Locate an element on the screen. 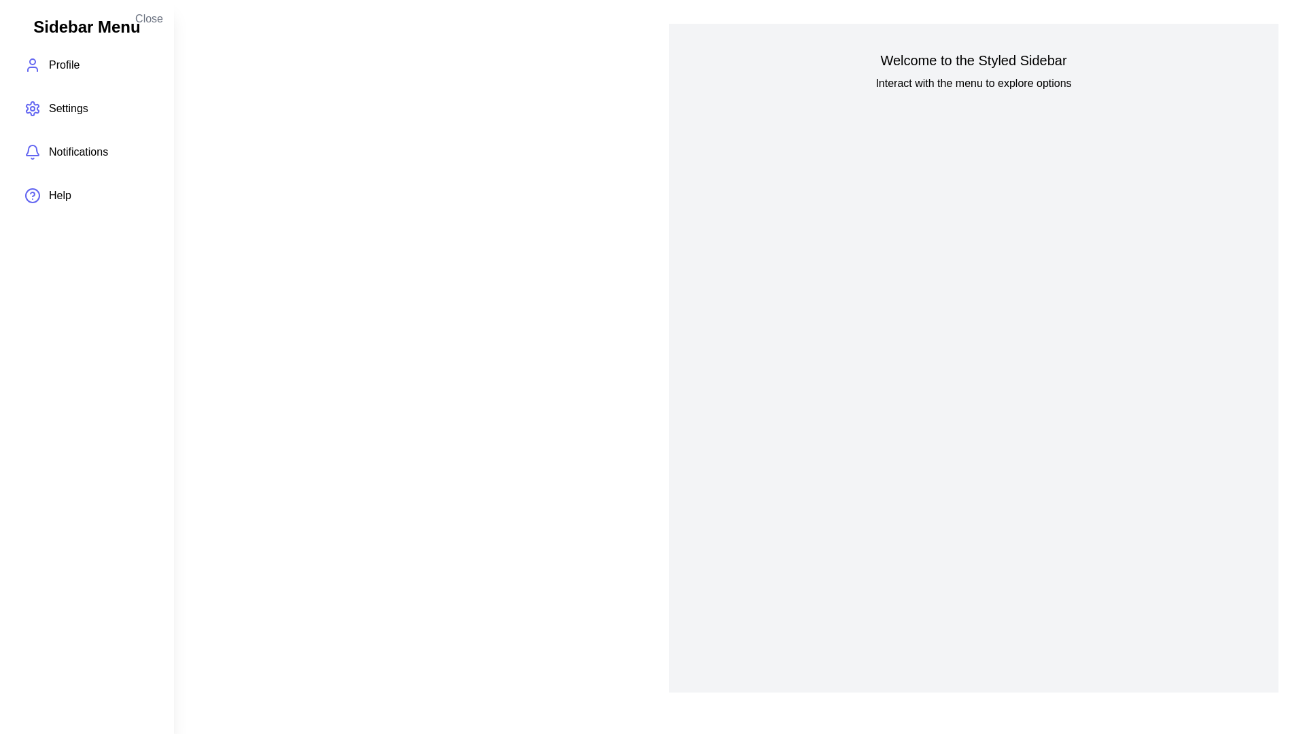 This screenshot has width=1305, height=734. the menu item Notifications from the sidebar is located at coordinates (86, 152).